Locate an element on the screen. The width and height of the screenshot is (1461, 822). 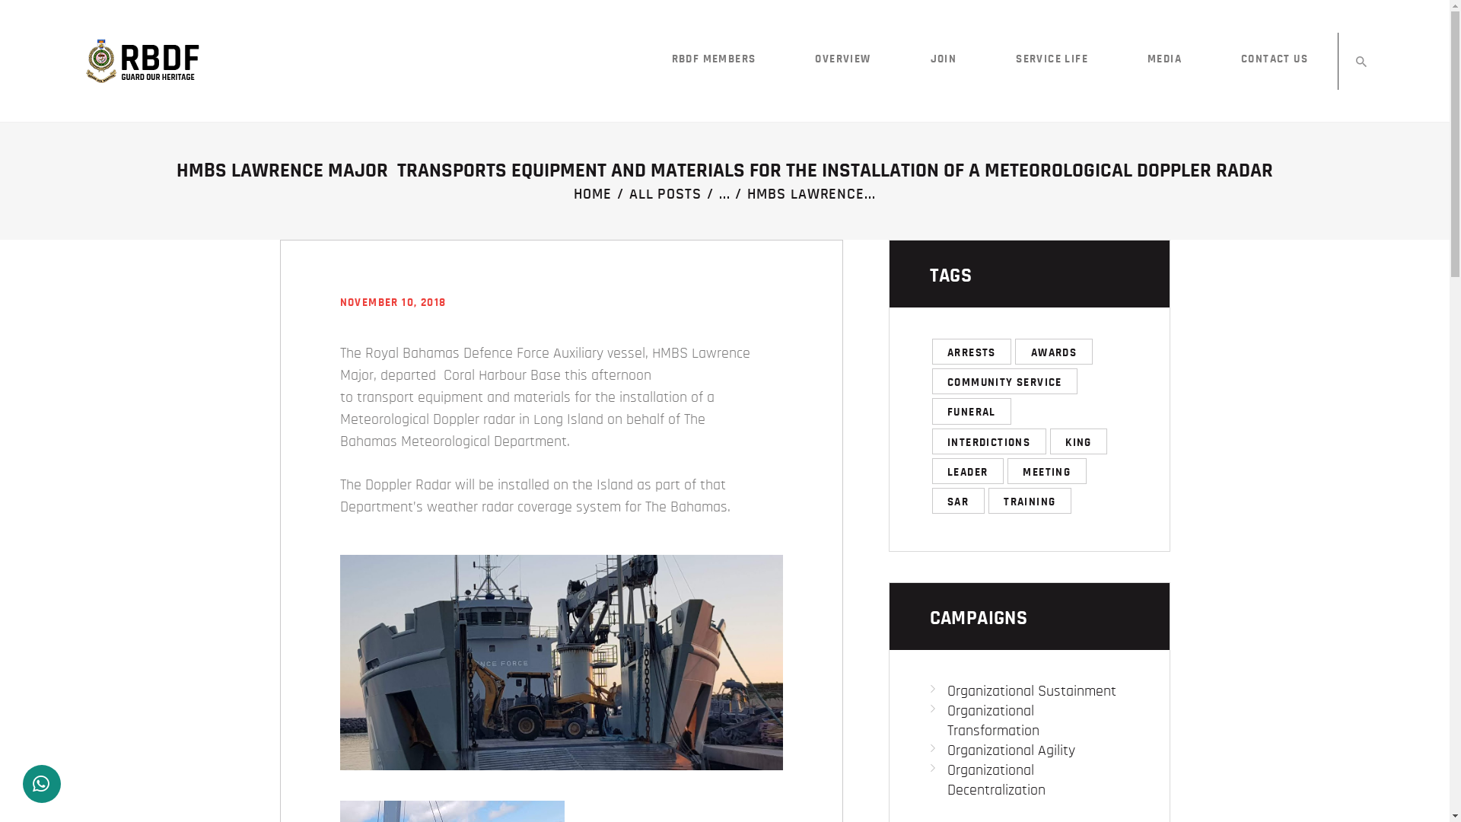
'CONTACT US' is located at coordinates (1275, 59).